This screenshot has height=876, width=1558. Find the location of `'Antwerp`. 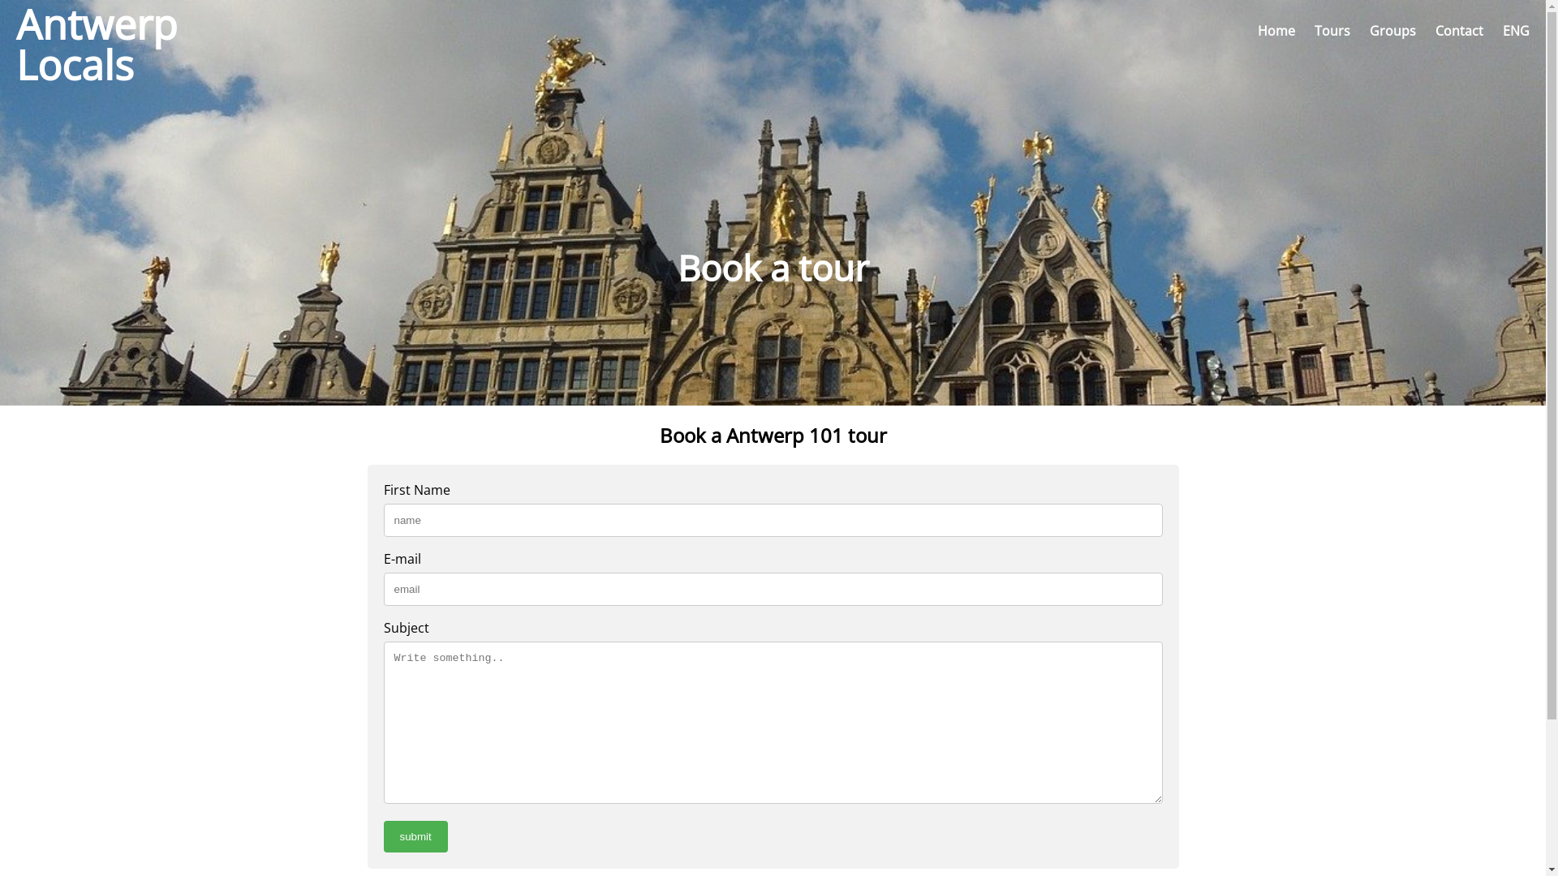

'Antwerp is located at coordinates (80, 31).